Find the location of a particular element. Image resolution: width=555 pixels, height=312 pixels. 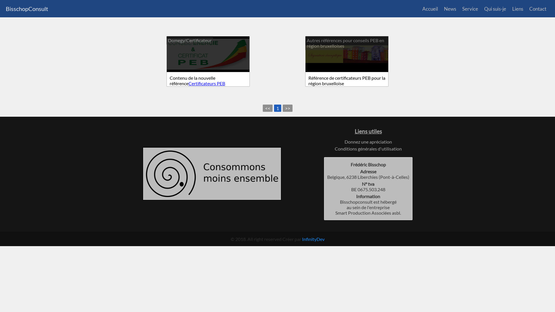

'BisschopConsult' is located at coordinates (26, 9).